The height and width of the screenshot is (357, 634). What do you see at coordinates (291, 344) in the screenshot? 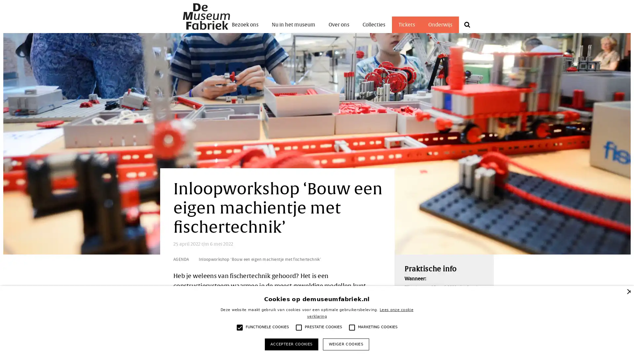
I see `ACCEPTEER COOKIES` at bounding box center [291, 344].